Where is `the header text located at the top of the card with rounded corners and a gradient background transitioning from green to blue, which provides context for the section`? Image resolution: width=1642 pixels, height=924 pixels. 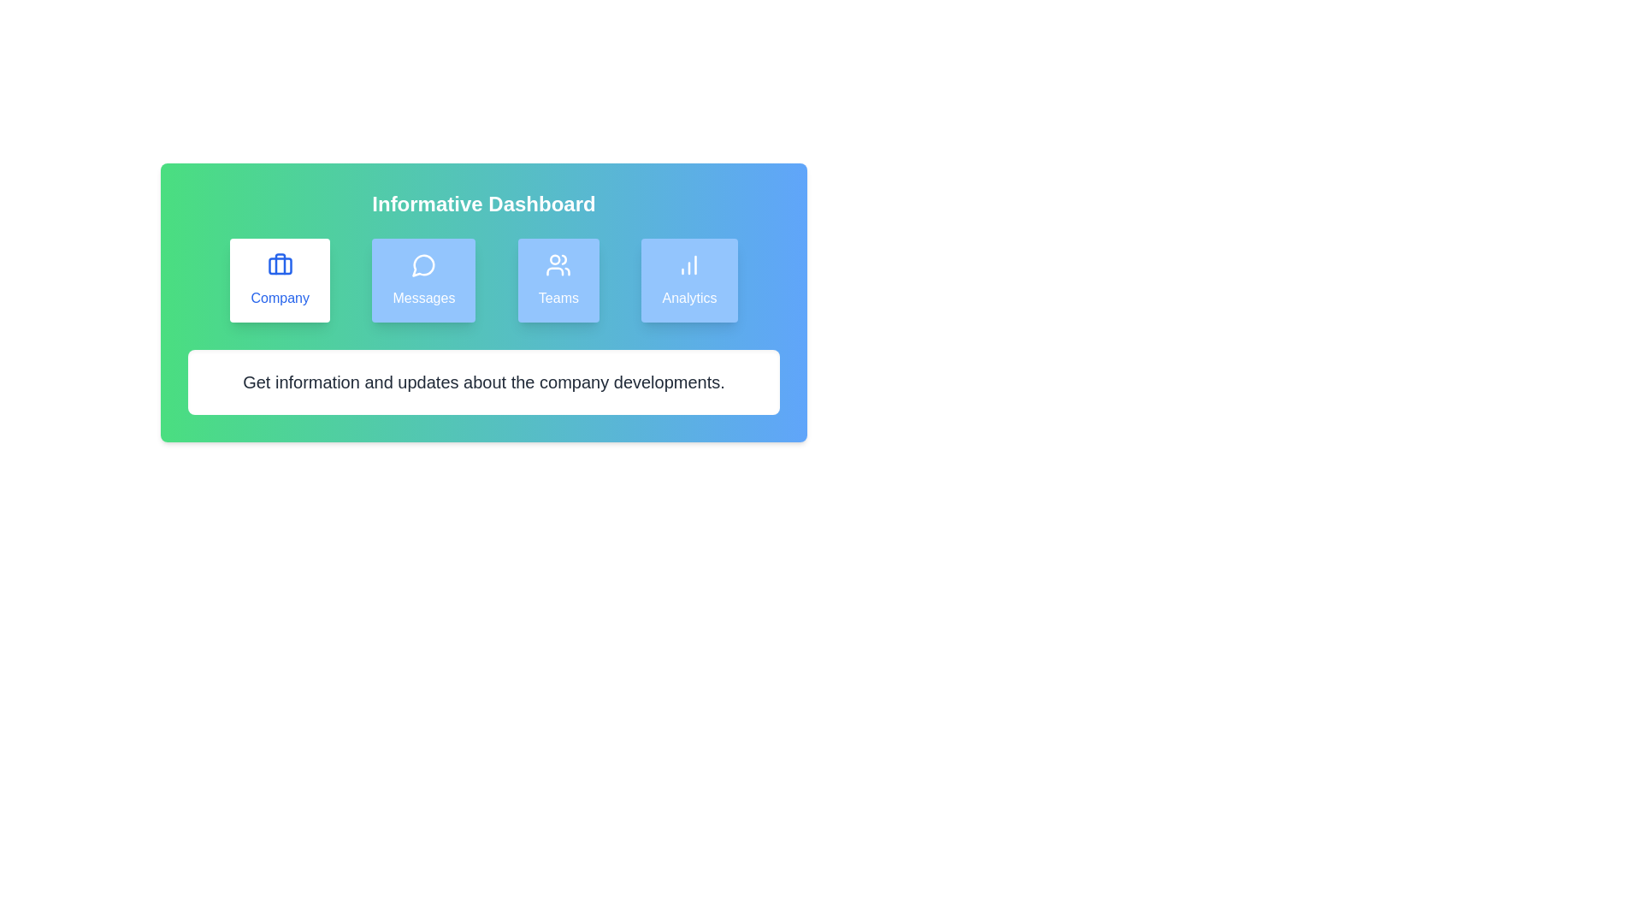
the header text located at the top of the card with rounded corners and a gradient background transitioning from green to blue, which provides context for the section is located at coordinates (483, 204).